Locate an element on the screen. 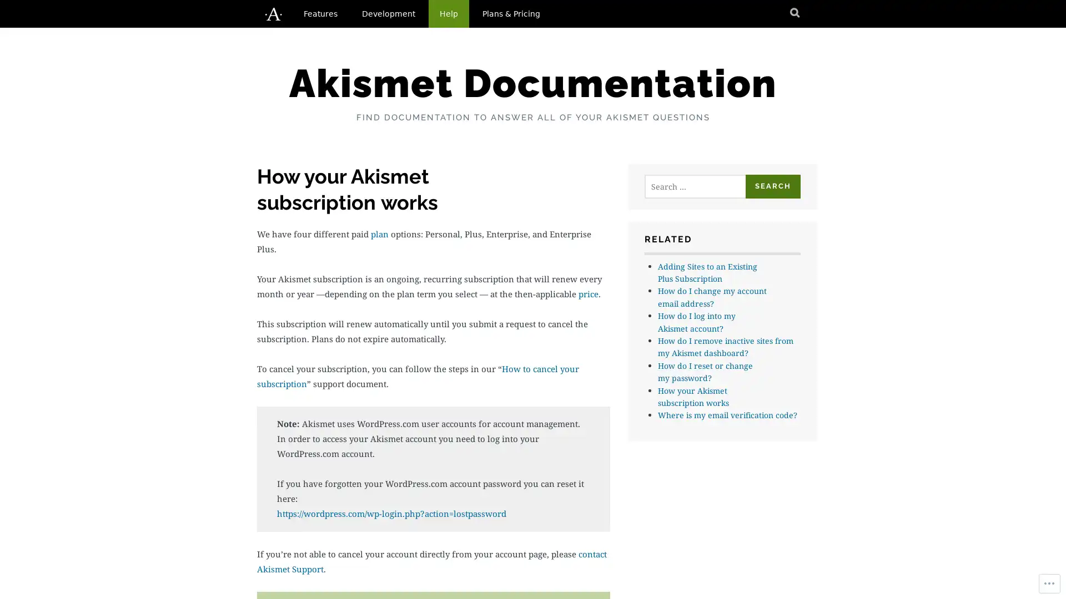  Search is located at coordinates (772, 186).